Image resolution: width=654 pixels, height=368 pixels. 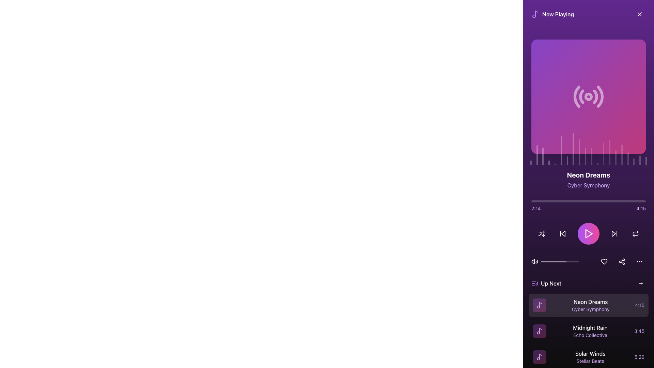 What do you see at coordinates (562, 233) in the screenshot?
I see `the backward skip button, which is a small button with a dark purple background and a white backward skip icon, located in the lower section of the music player interface` at bounding box center [562, 233].